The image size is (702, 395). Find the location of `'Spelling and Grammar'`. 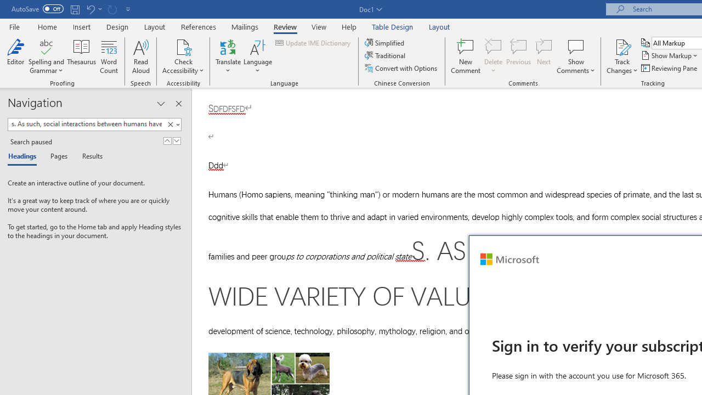

'Spelling and Grammar' is located at coordinates (46, 46).